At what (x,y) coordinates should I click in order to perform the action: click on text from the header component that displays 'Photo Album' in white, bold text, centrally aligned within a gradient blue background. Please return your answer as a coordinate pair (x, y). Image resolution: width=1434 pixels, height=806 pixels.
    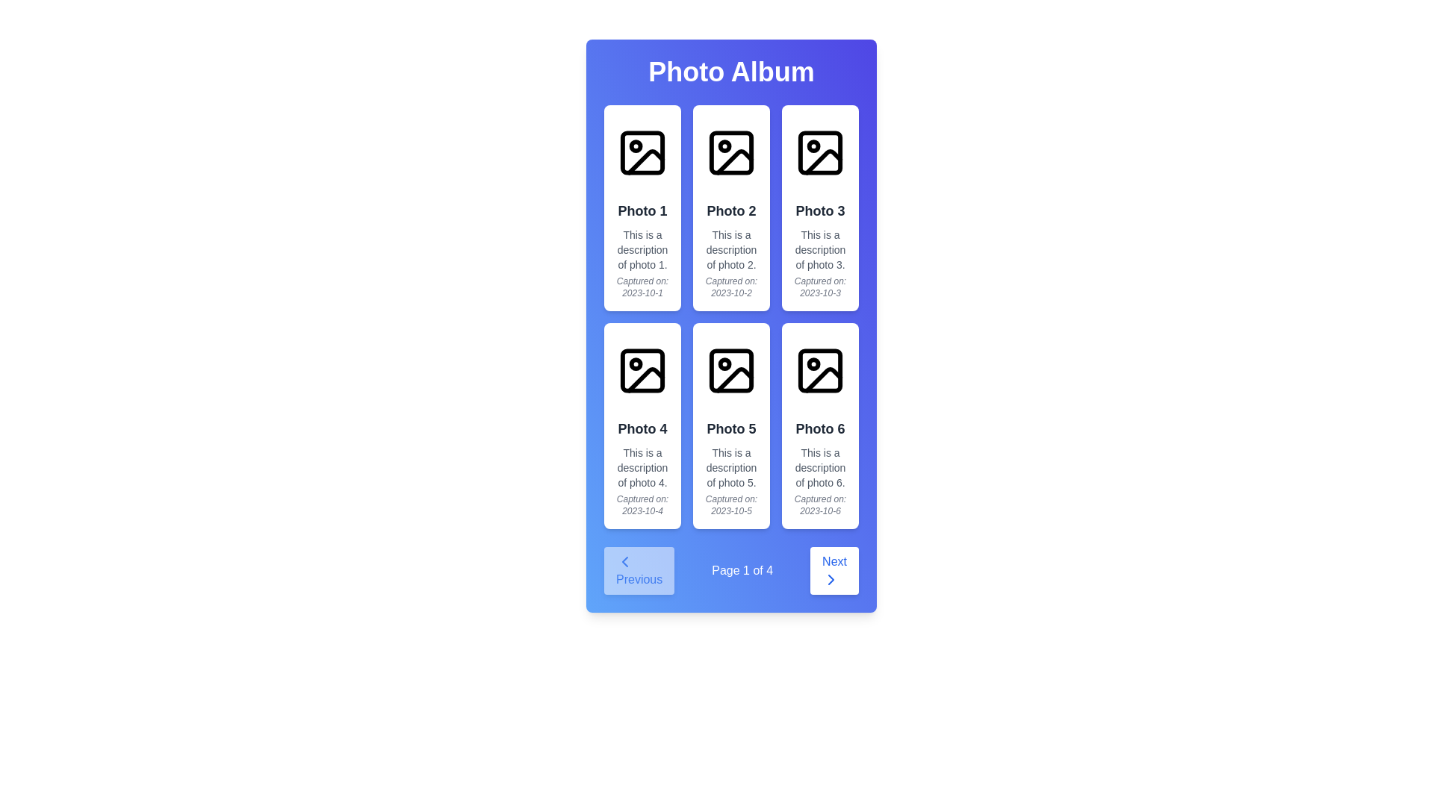
    Looking at the image, I should click on (731, 72).